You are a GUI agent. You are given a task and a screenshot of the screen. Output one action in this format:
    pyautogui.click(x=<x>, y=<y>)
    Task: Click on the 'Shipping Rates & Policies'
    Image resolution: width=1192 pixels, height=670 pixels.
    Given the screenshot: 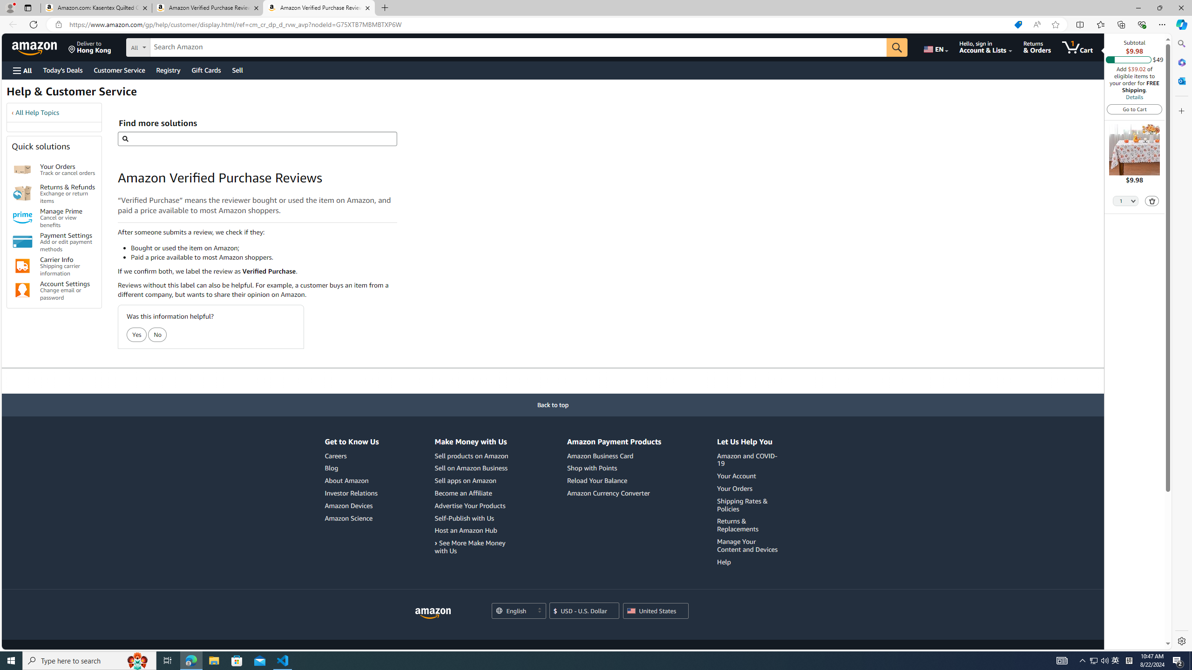 What is the action you would take?
    pyautogui.click(x=748, y=504)
    